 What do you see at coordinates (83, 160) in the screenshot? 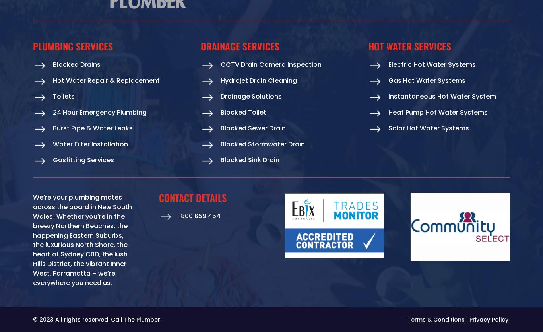
I see `'Gasfitting Services'` at bounding box center [83, 160].